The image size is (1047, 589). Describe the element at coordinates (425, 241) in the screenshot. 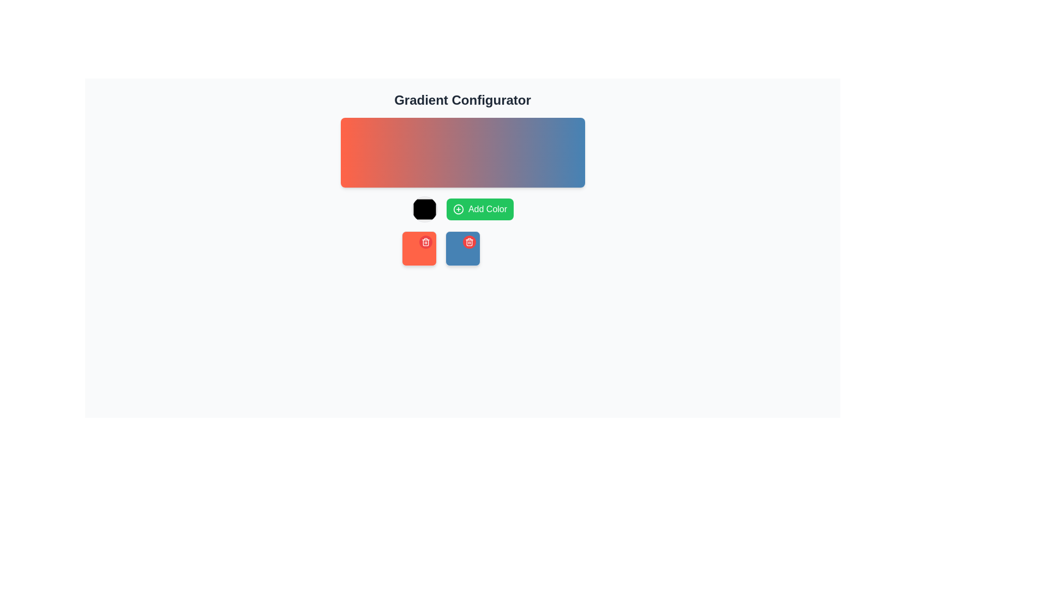

I see `the trash bin icon within the red circular button on the left side of the two square buttons` at that location.